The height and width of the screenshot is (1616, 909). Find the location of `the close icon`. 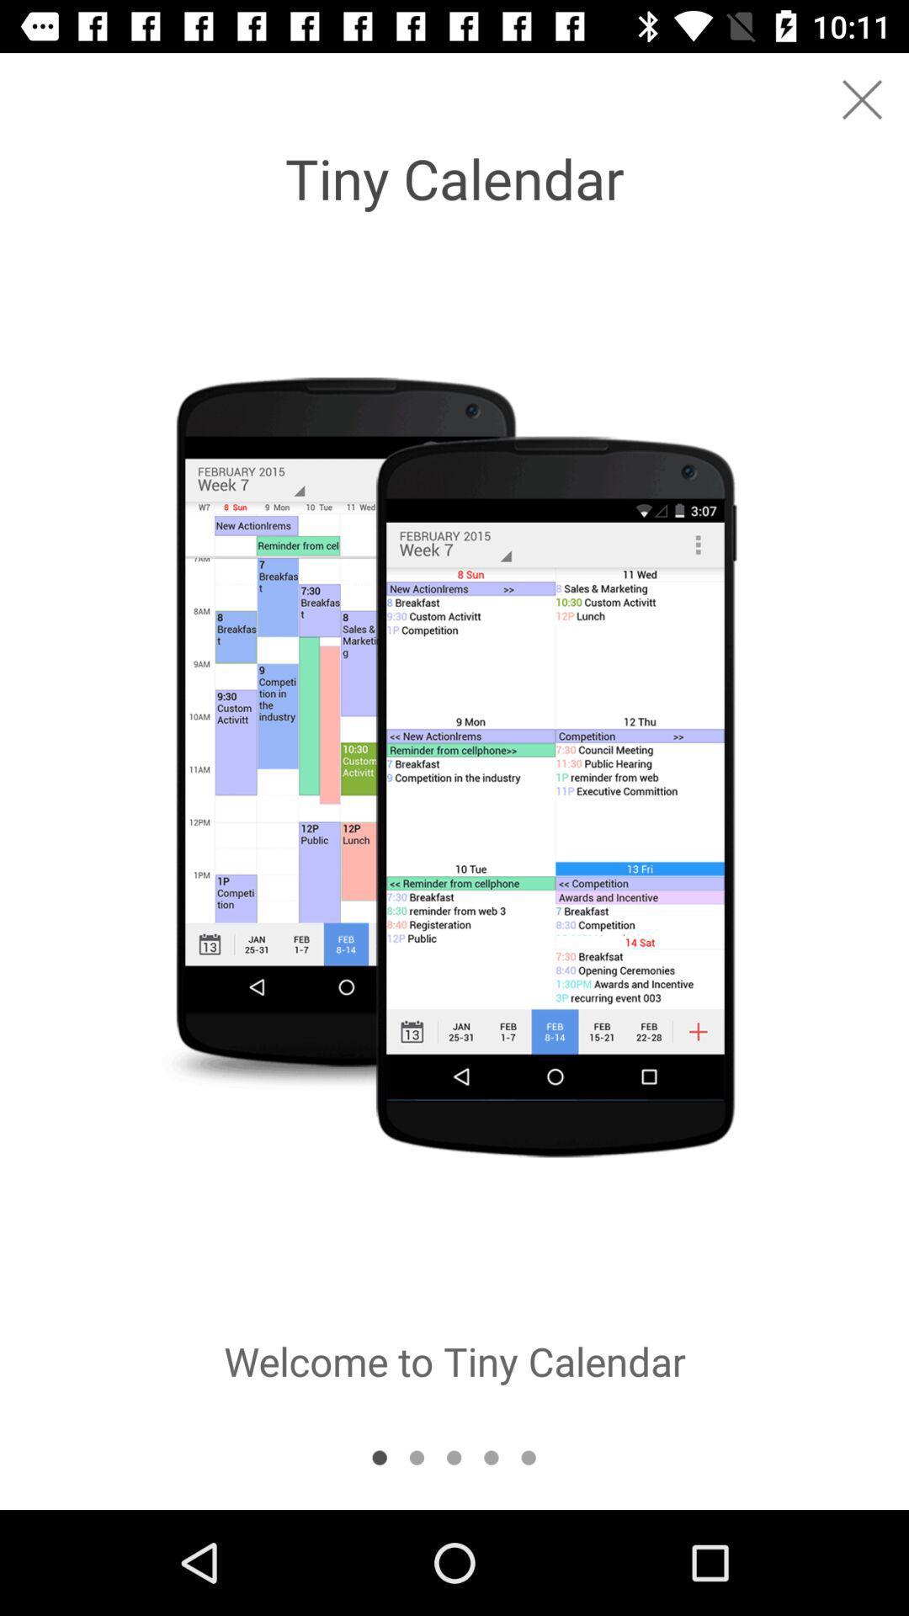

the close icon is located at coordinates (862, 98).